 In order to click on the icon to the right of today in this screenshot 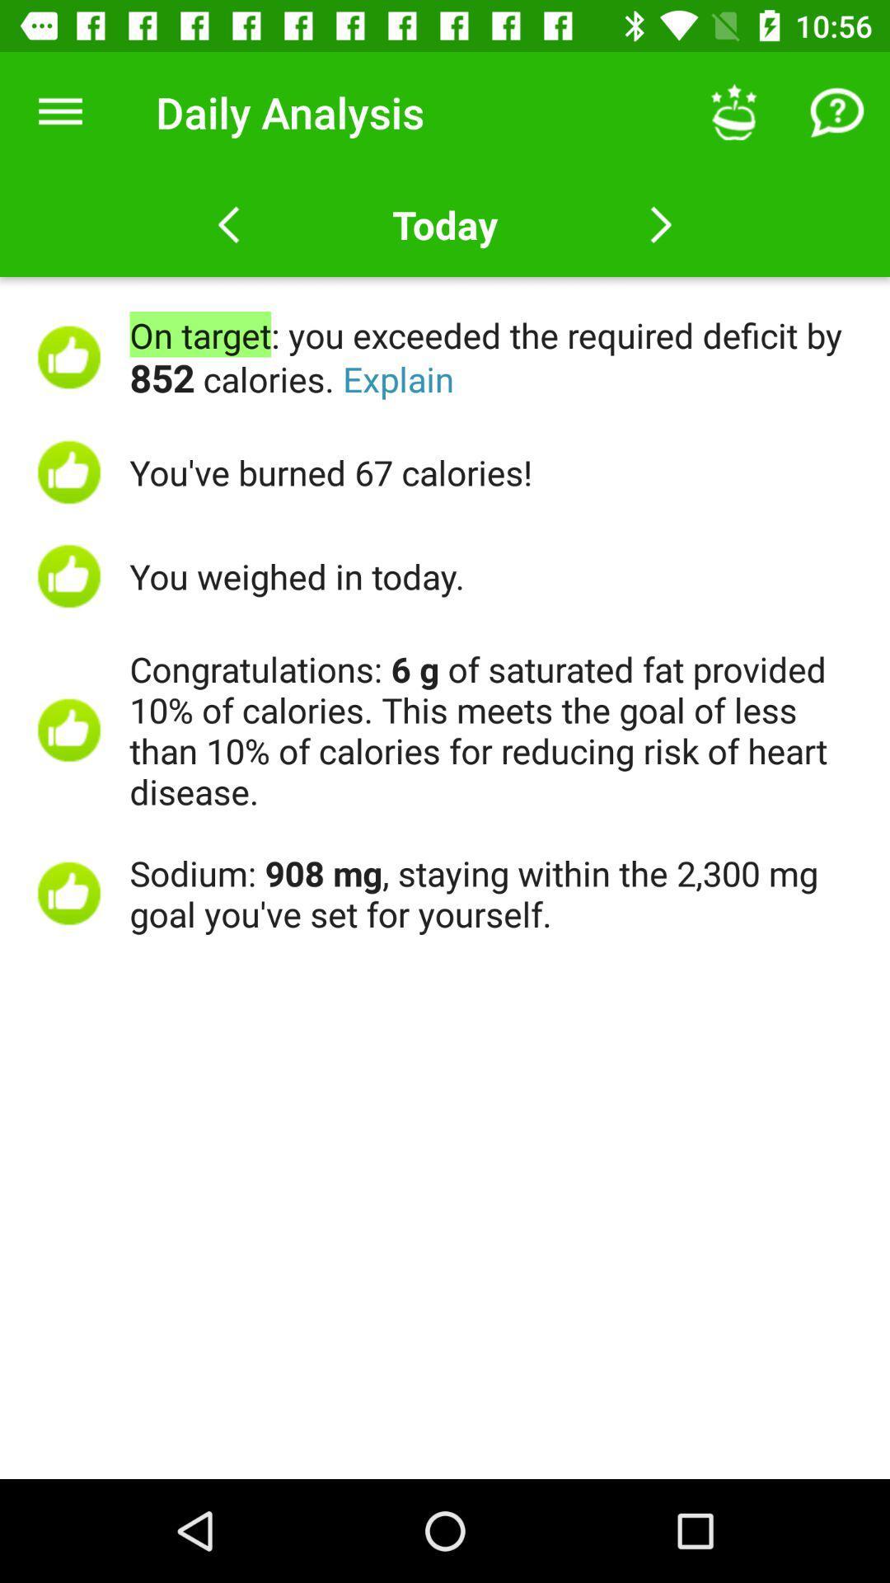, I will do `click(733, 111)`.